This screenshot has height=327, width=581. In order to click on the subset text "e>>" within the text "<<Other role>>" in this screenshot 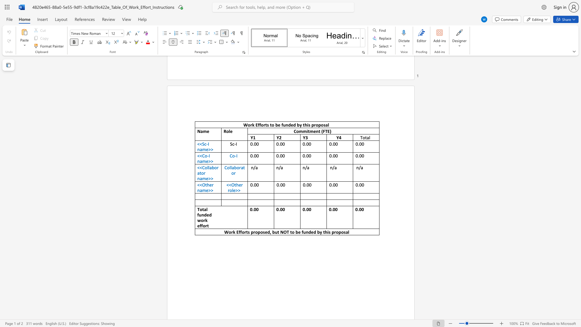, I will do `click(233, 190)`.